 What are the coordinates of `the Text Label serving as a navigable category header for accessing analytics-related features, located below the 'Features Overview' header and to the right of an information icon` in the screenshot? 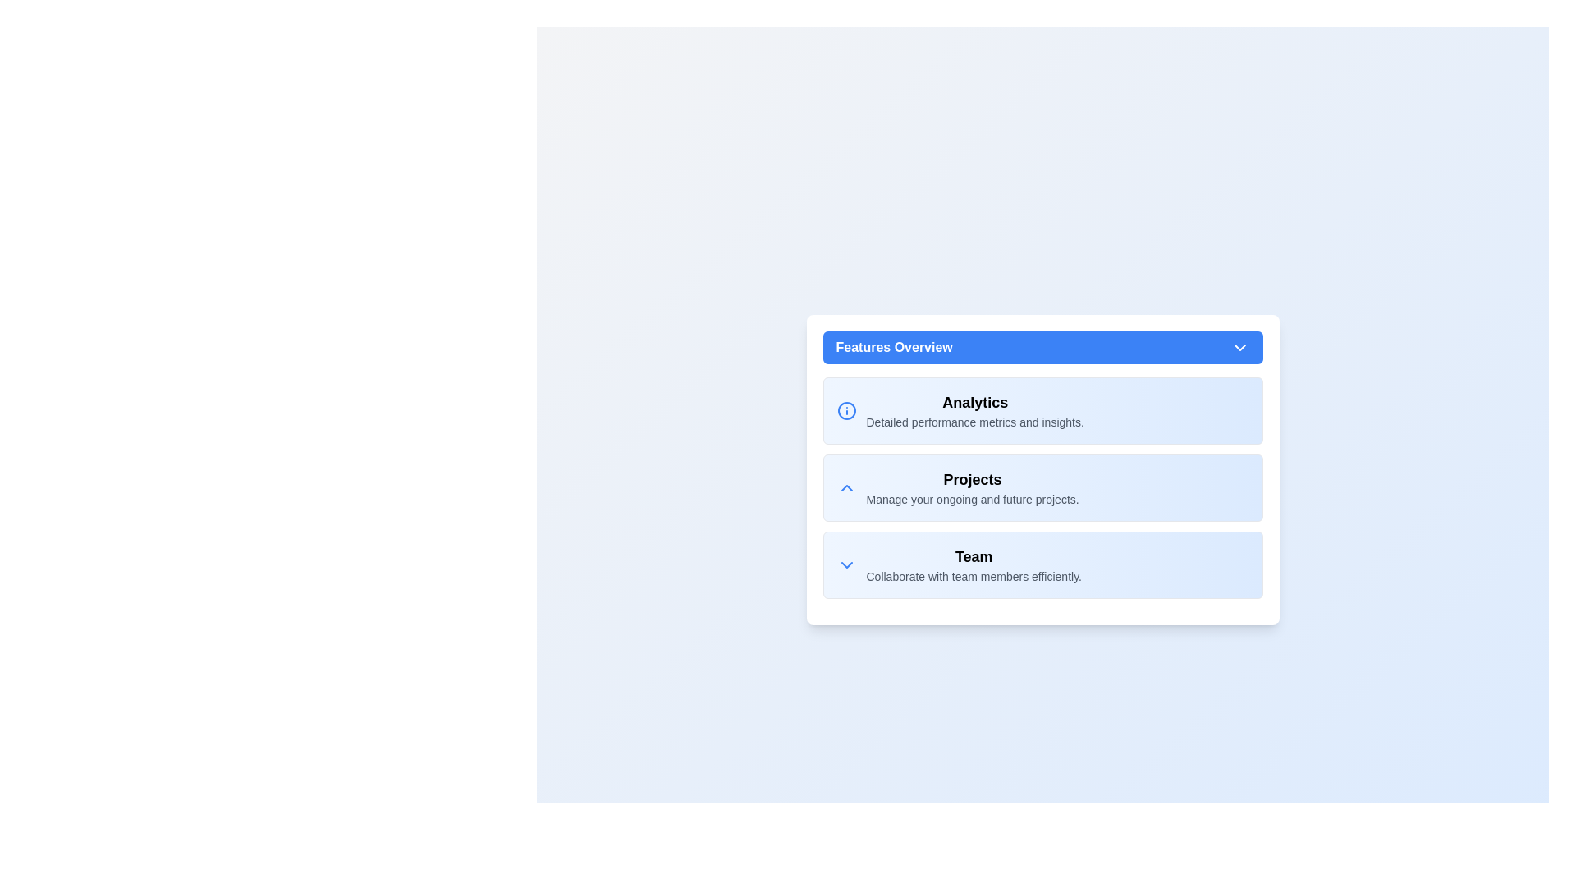 It's located at (975, 410).